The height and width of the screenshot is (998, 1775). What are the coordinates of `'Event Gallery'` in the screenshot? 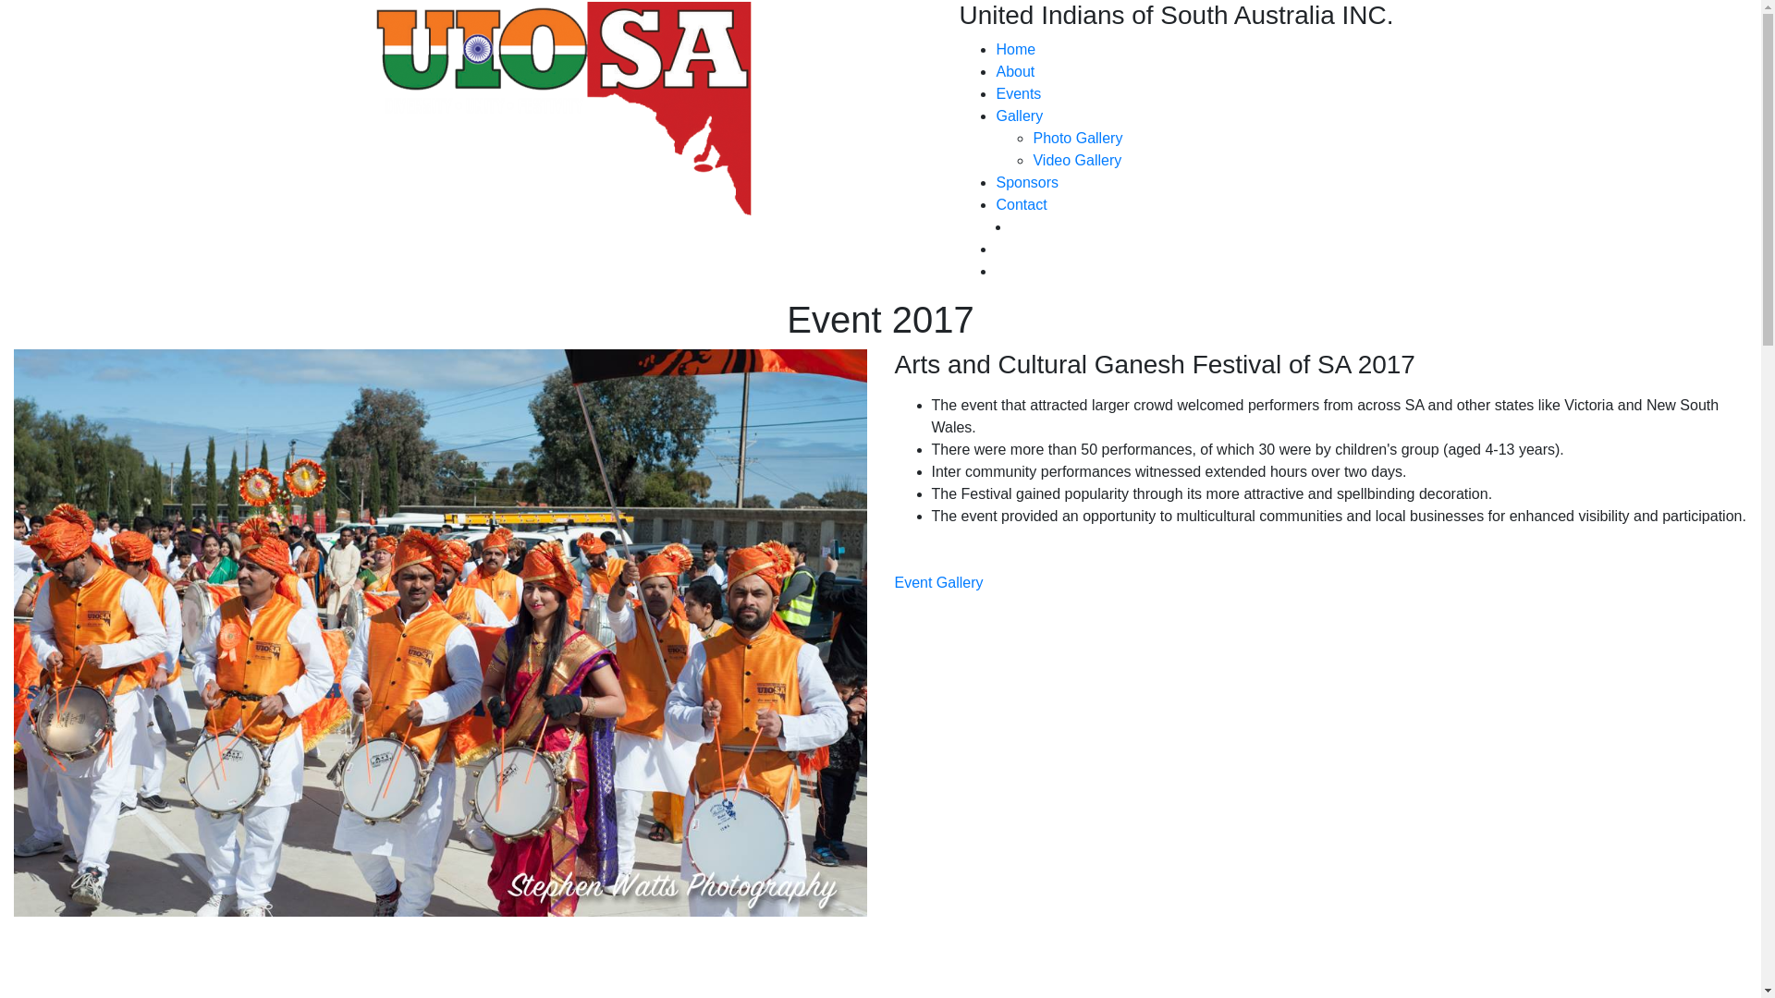 It's located at (939, 582).